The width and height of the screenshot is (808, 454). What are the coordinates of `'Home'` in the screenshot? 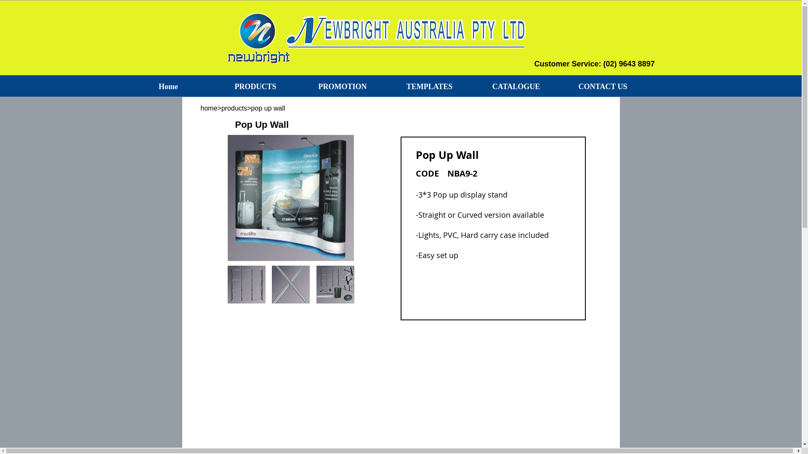 It's located at (168, 86).